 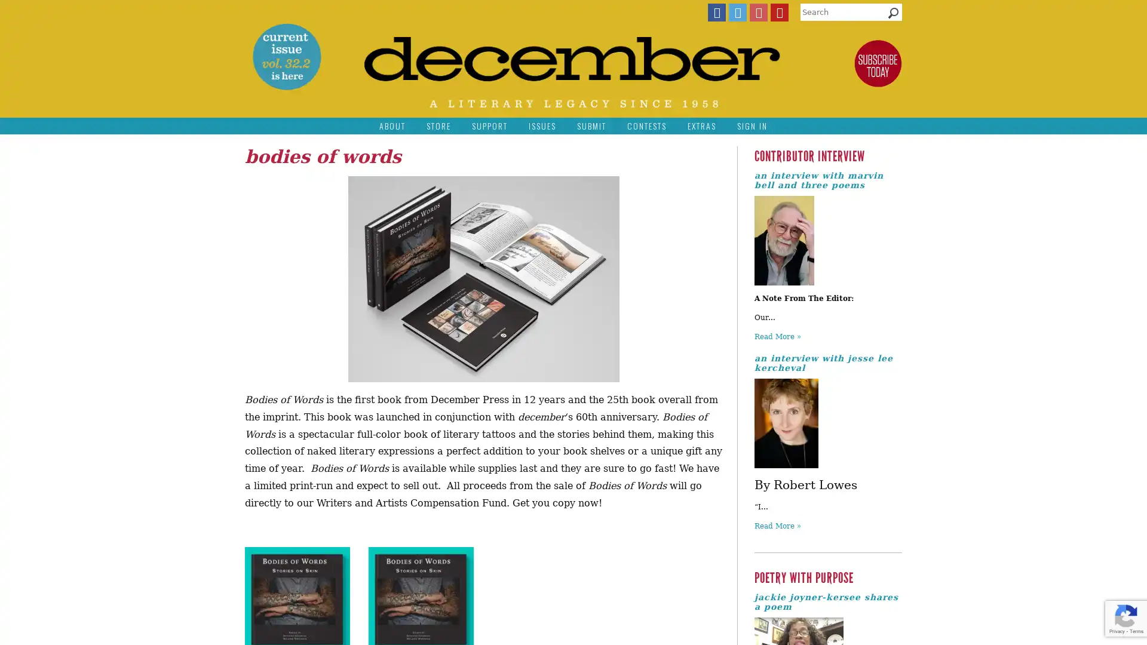 I want to click on Search, so click(x=893, y=16).